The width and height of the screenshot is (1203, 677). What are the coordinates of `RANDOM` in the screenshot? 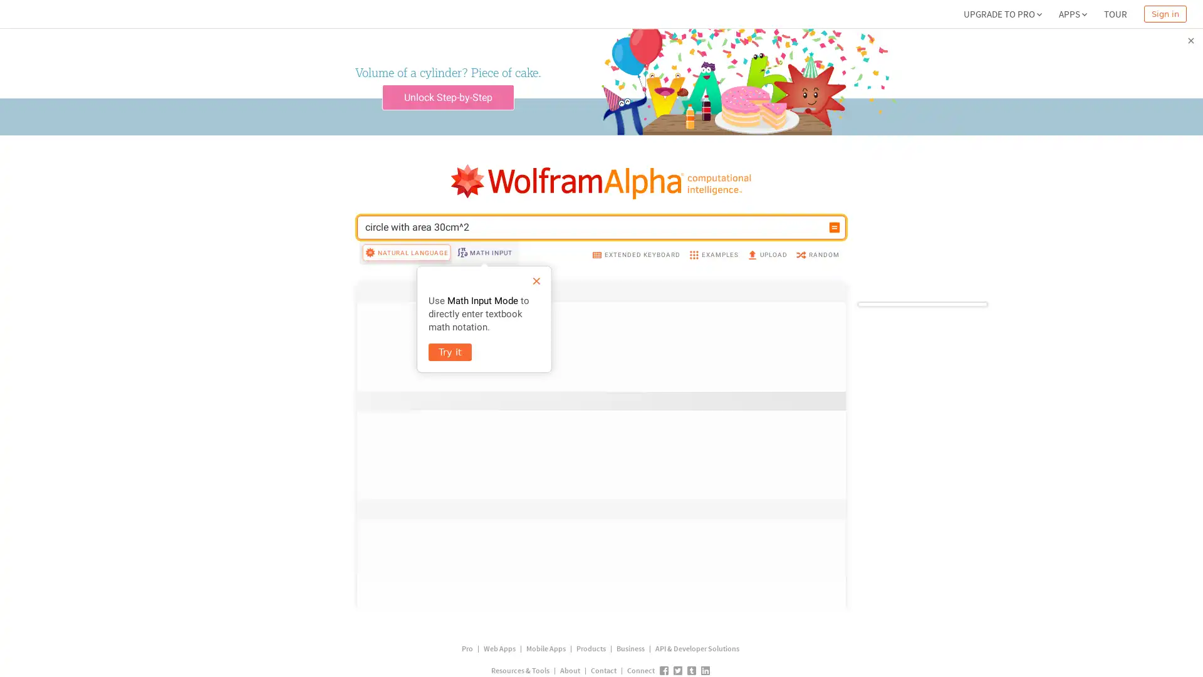 It's located at (817, 254).